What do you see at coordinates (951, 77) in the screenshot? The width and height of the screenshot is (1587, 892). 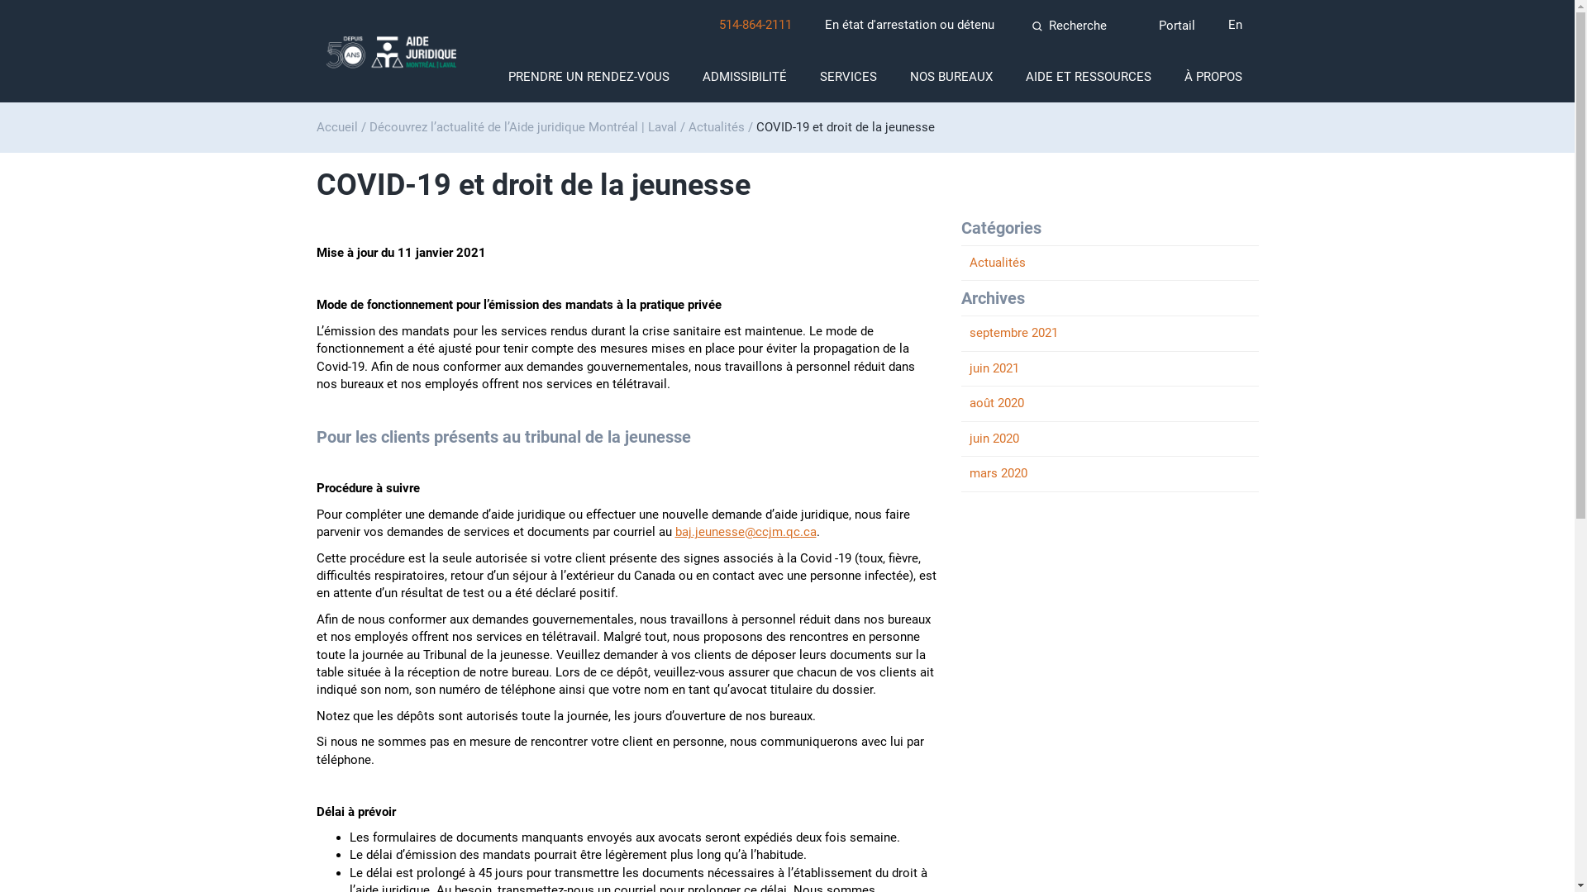 I see `'NOS BUREAUX'` at bounding box center [951, 77].